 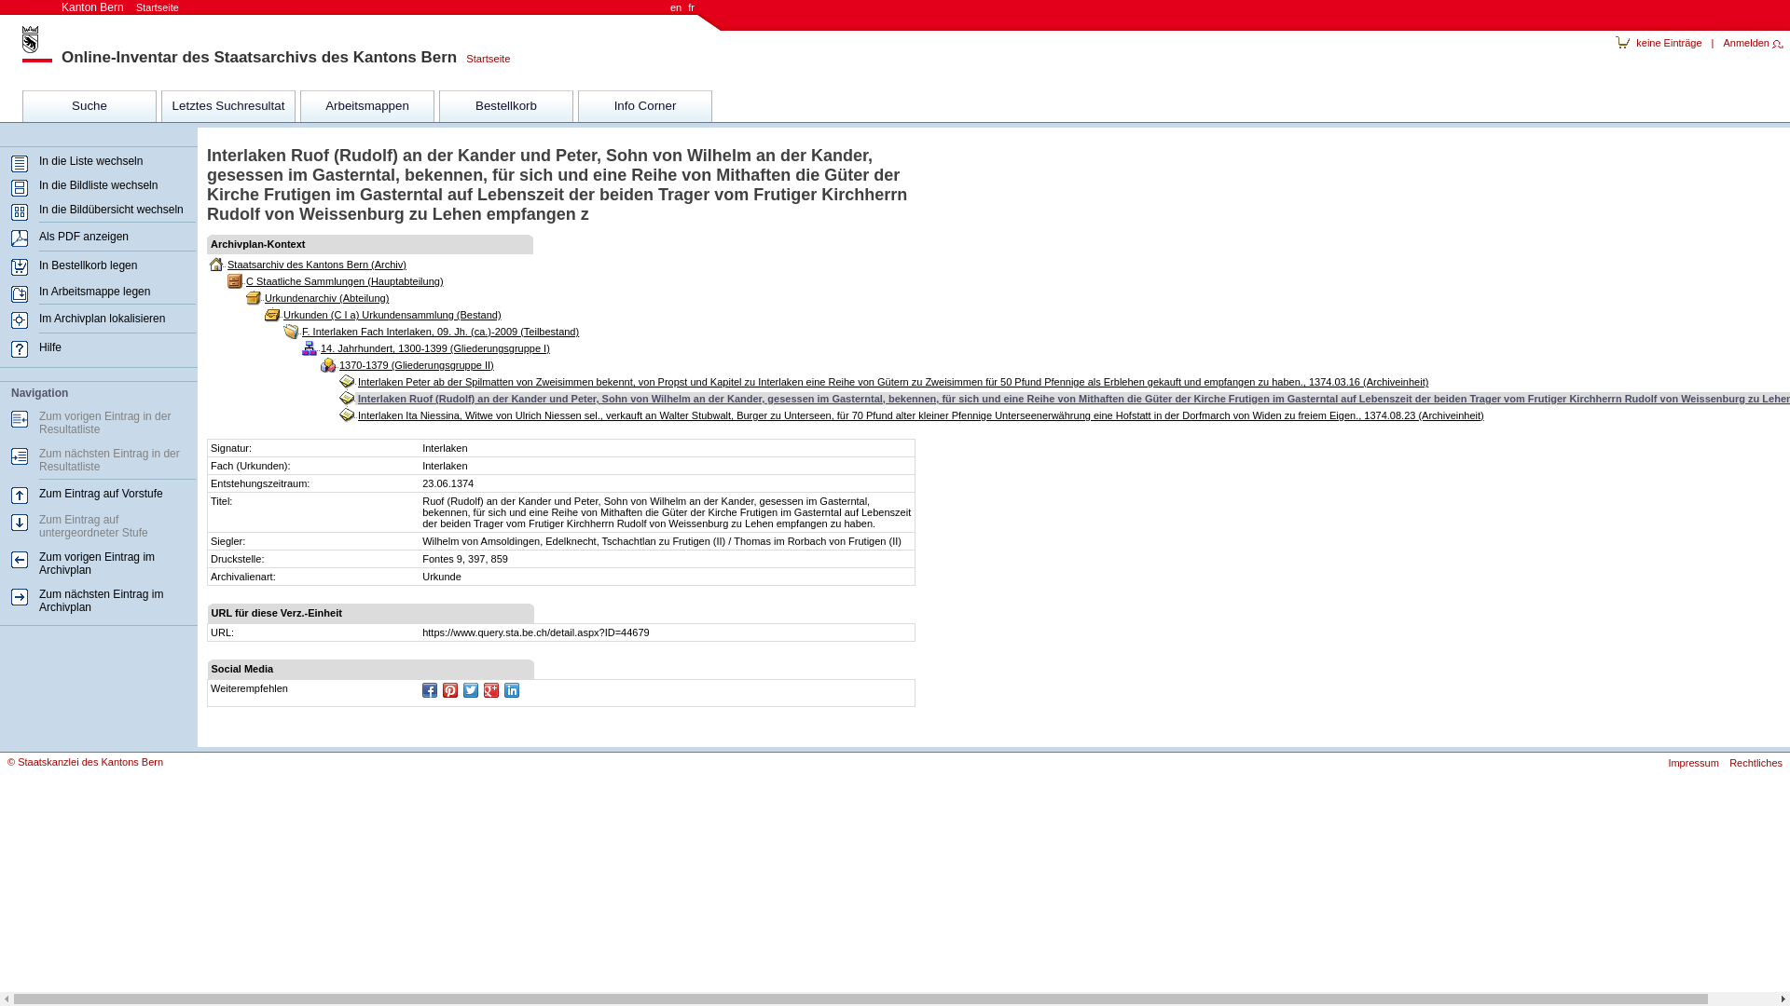 I want to click on 'Urkundenarchiv (Abteilung)', so click(x=261, y=297).